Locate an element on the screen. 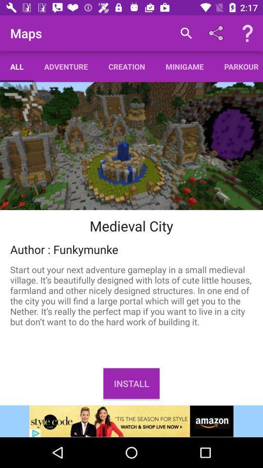  help is located at coordinates (247, 33).